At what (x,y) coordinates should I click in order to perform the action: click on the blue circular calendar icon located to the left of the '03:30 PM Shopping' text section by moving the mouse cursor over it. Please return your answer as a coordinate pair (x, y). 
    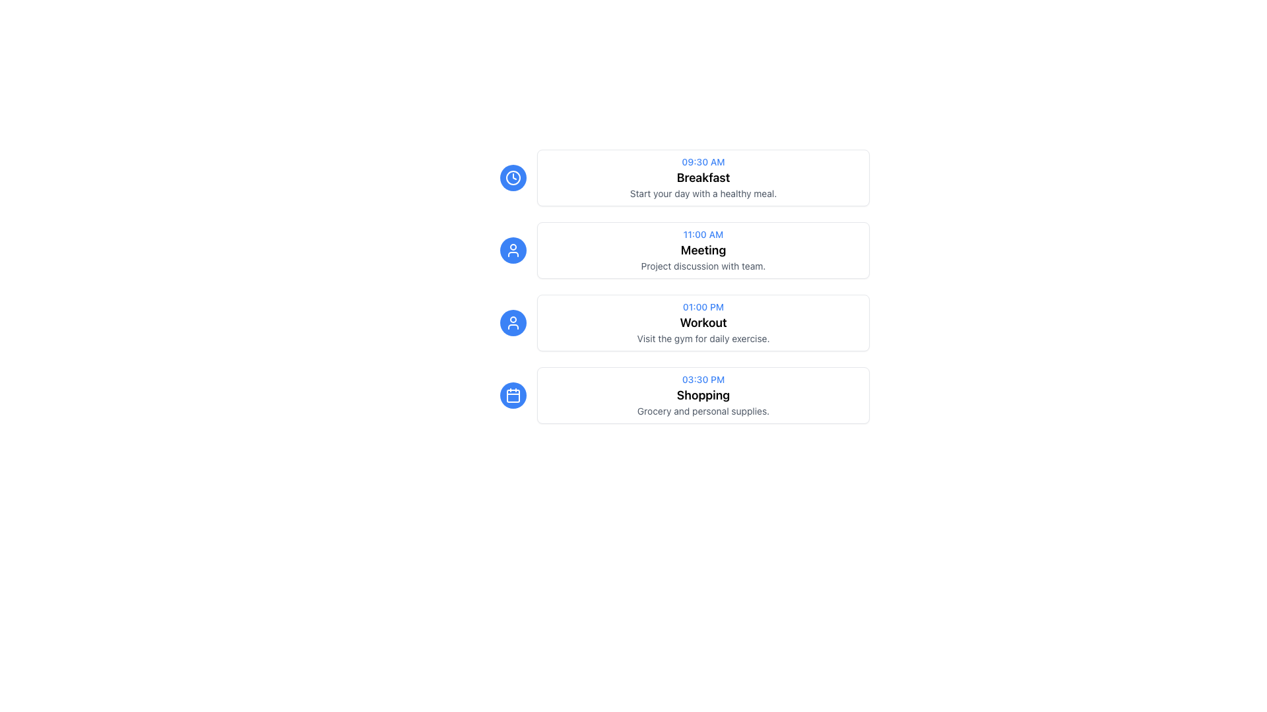
    Looking at the image, I should click on (512, 395).